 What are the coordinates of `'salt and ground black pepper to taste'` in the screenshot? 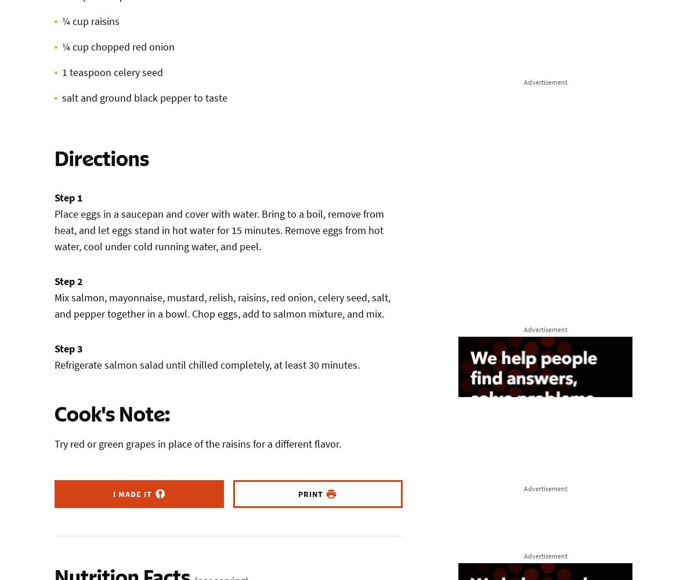 It's located at (144, 97).